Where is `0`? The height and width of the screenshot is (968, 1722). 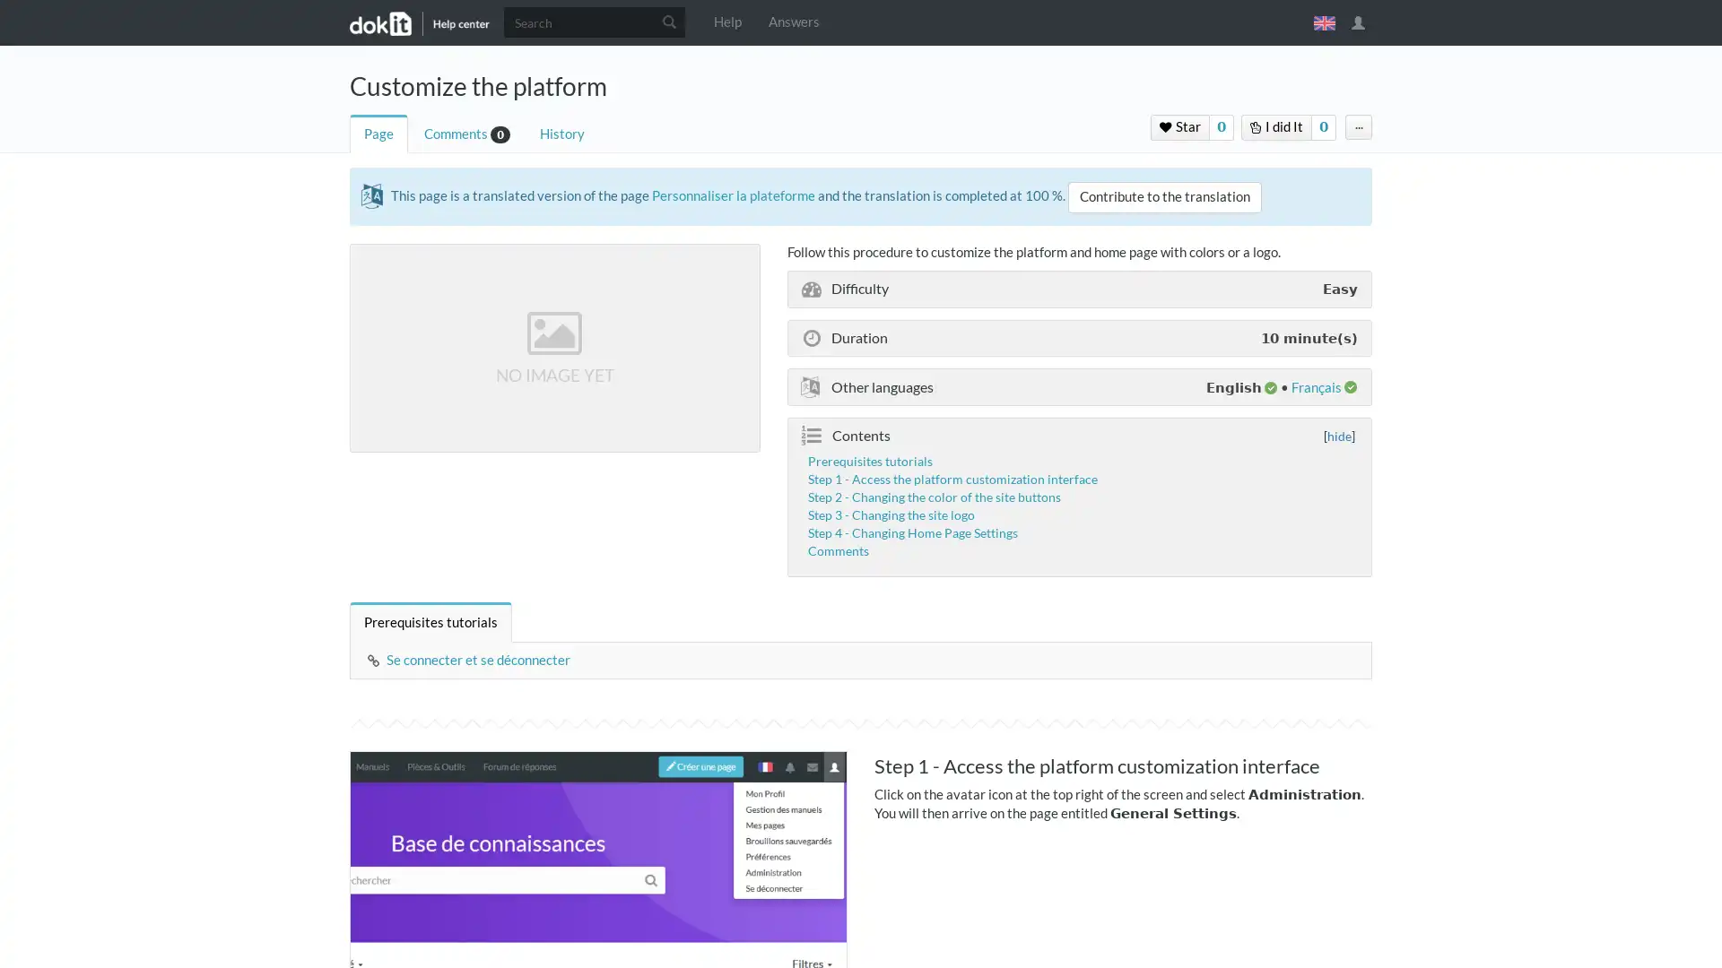
0 is located at coordinates (1324, 126).